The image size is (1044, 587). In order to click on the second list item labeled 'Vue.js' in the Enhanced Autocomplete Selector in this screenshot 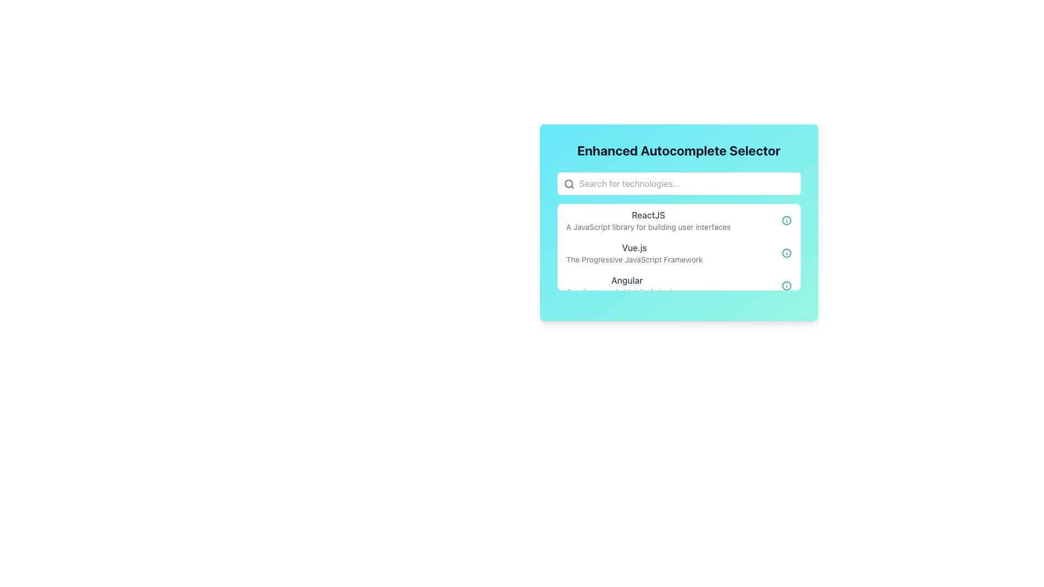, I will do `click(678, 247)`.